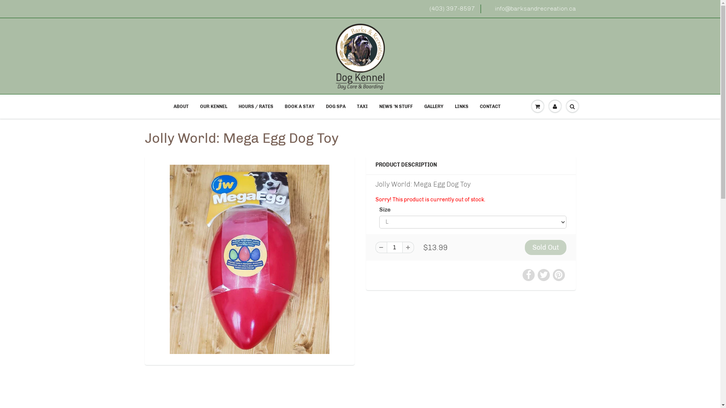 Image resolution: width=726 pixels, height=408 pixels. Describe the element at coordinates (490, 106) in the screenshot. I see `'CONTACT'` at that location.